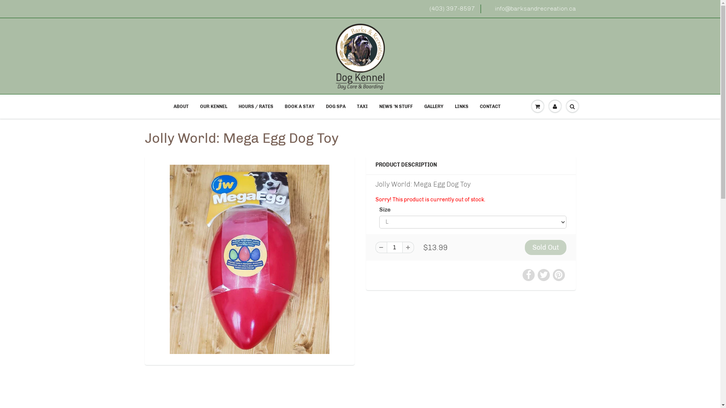 Image resolution: width=726 pixels, height=408 pixels. Describe the element at coordinates (490, 106) in the screenshot. I see `'CONTACT'` at that location.